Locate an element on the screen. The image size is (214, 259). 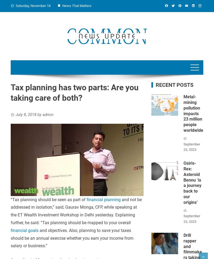
'admin' is located at coordinates (48, 114).